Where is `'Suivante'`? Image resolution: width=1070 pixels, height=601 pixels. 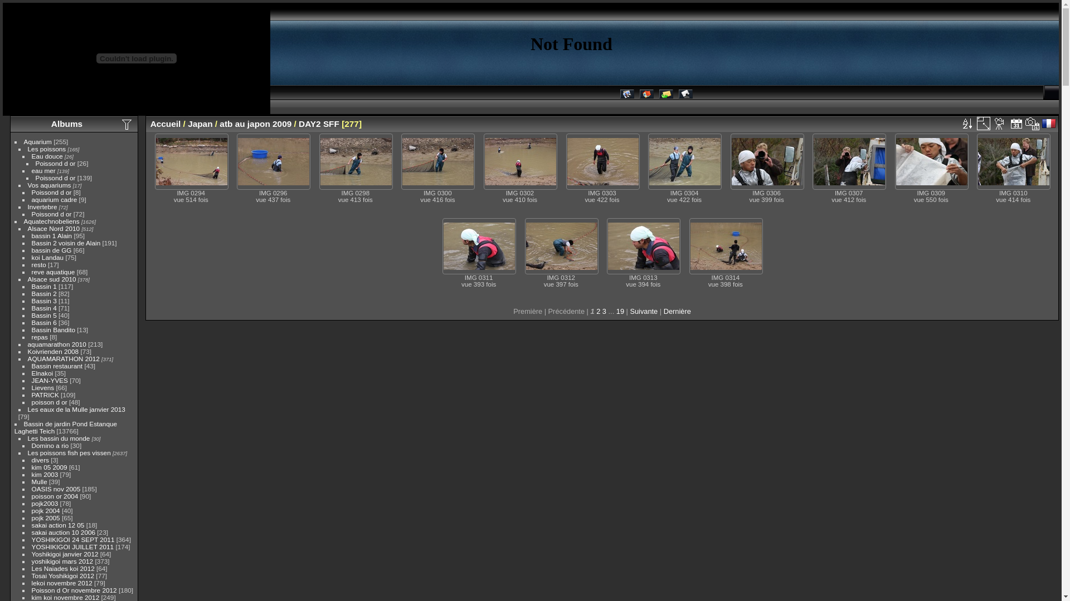 'Suivante' is located at coordinates (644, 311).